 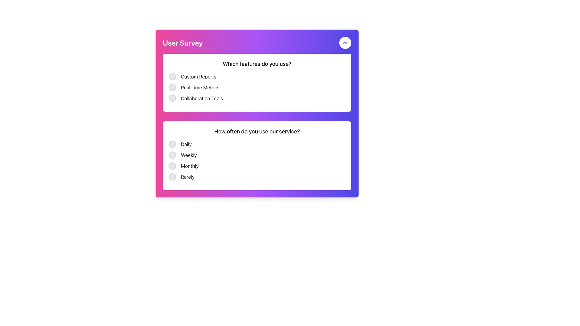 I want to click on the 'Custom Reports' selectable list item, which is the first option in the list of features under 'Which features do you use?', so click(x=257, y=76).